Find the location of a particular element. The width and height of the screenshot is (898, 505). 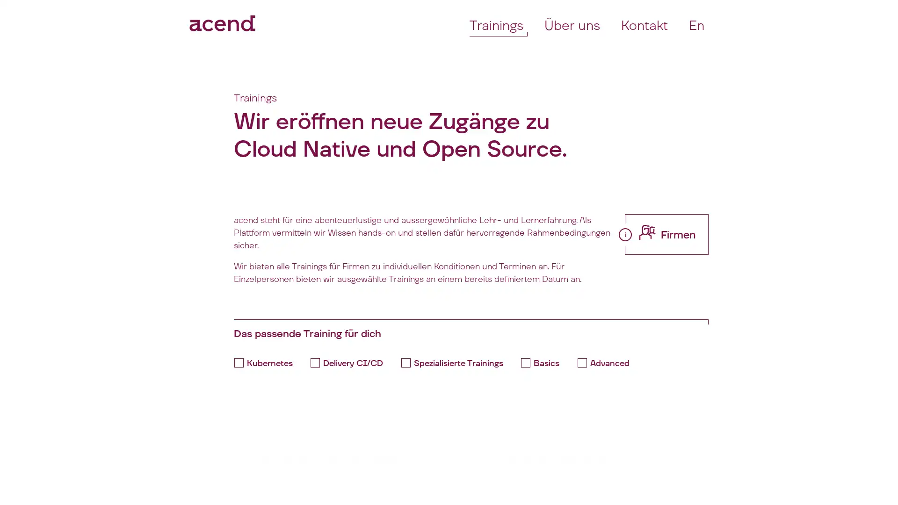

Kubernetes is located at coordinates (266, 362).